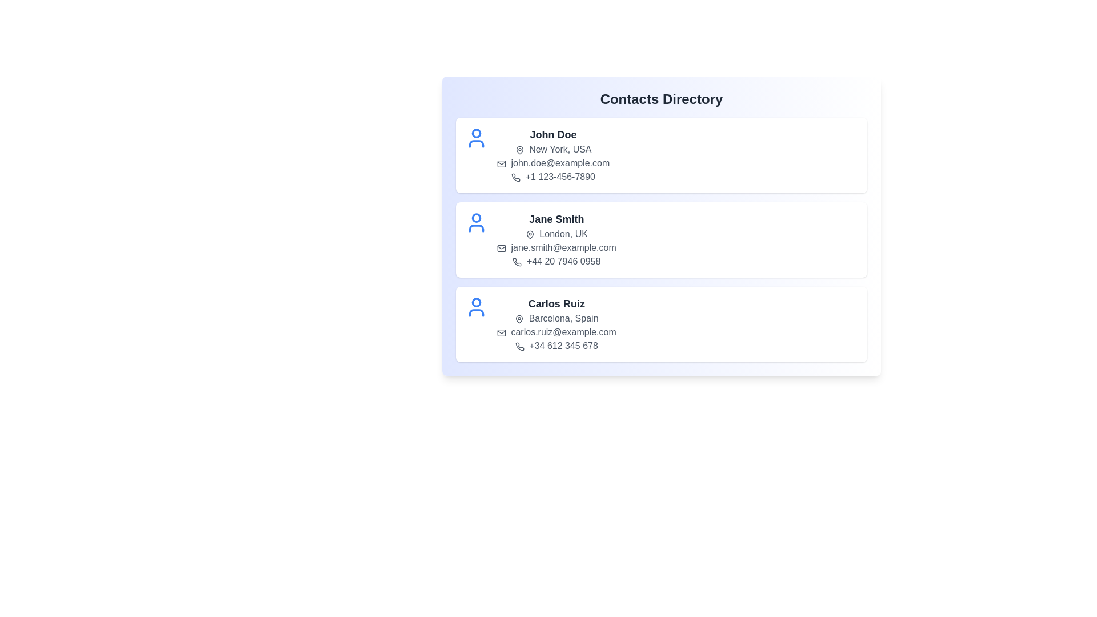 The image size is (1097, 617). Describe the element at coordinates (477, 222) in the screenshot. I see `the user icon for the contact Jane Smith` at that location.